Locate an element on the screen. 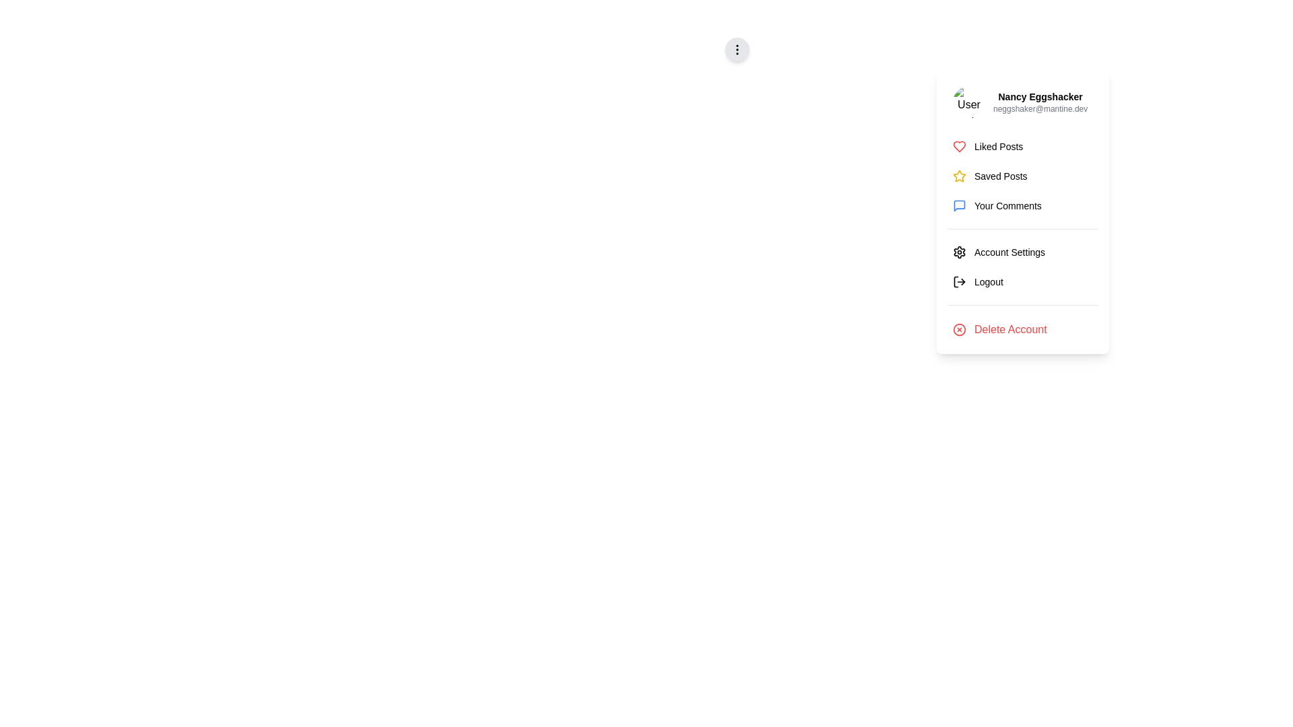 This screenshot has width=1293, height=727. the first menu item for account settings located beneath user-related information and above the 'Logout' menu item is located at coordinates (1022, 252).